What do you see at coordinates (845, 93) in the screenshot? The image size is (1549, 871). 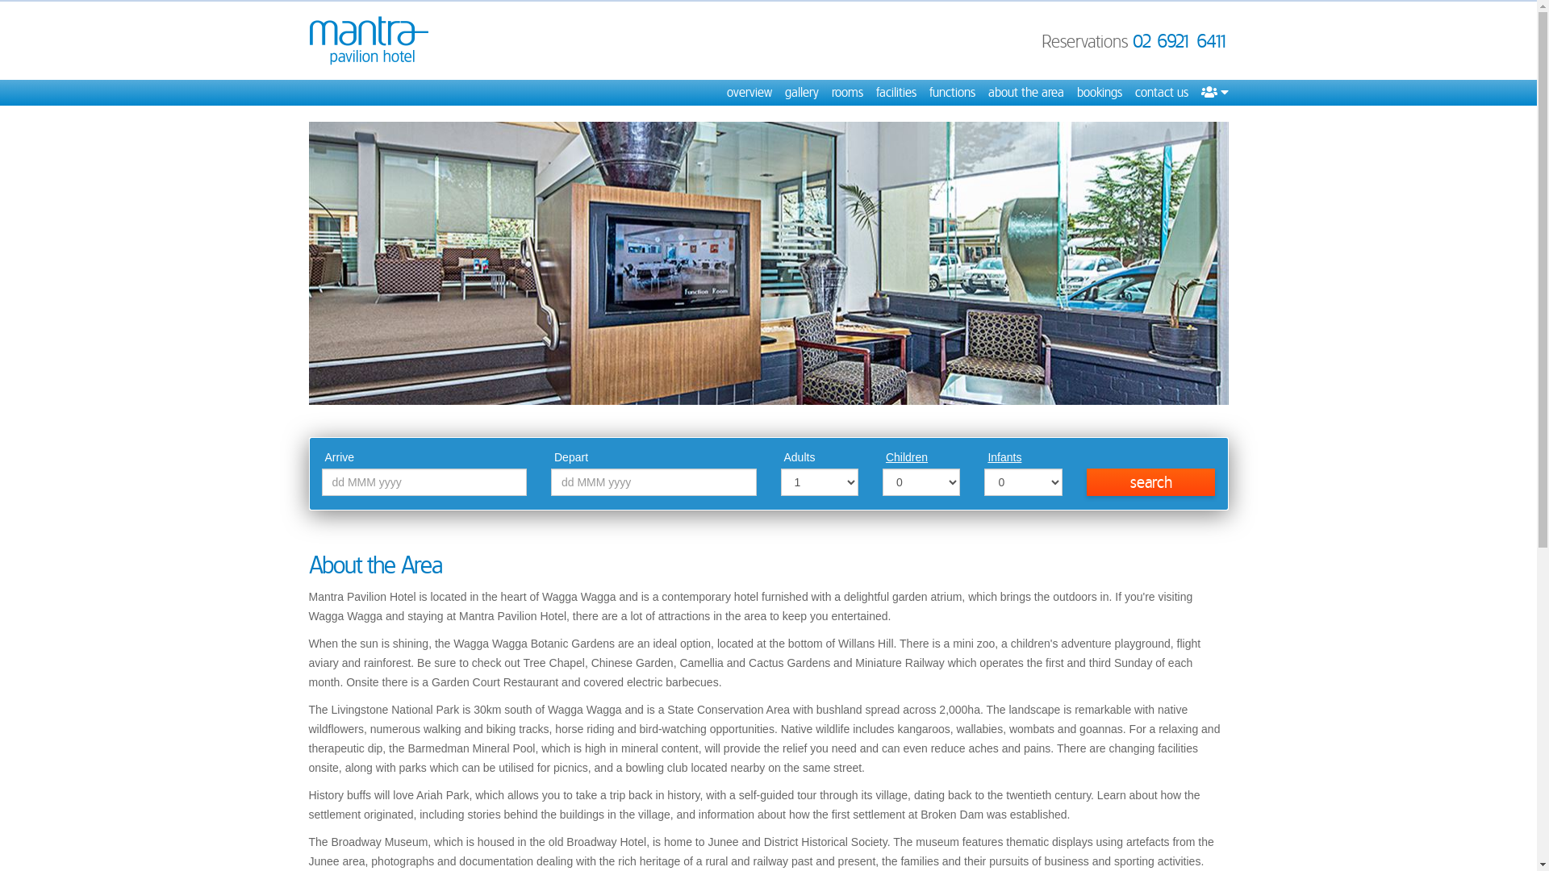 I see `'rooms'` at bounding box center [845, 93].